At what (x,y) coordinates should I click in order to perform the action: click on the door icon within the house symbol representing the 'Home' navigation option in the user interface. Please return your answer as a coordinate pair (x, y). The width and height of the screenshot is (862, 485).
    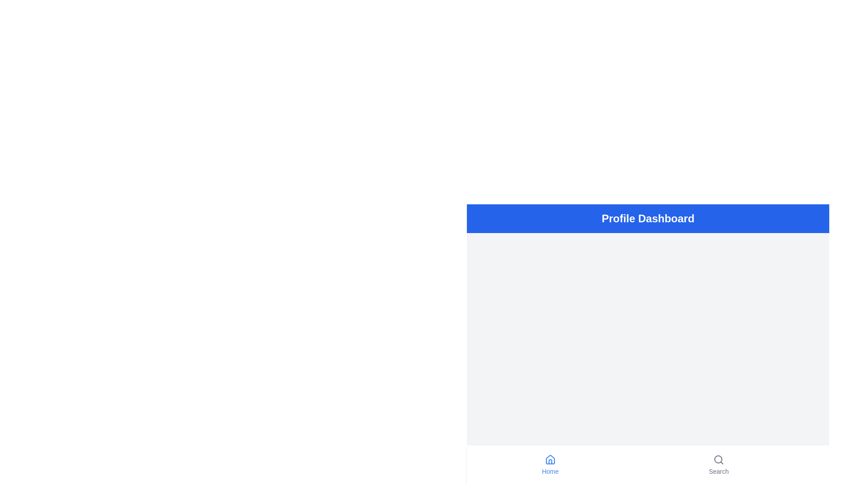
    Looking at the image, I should click on (550, 462).